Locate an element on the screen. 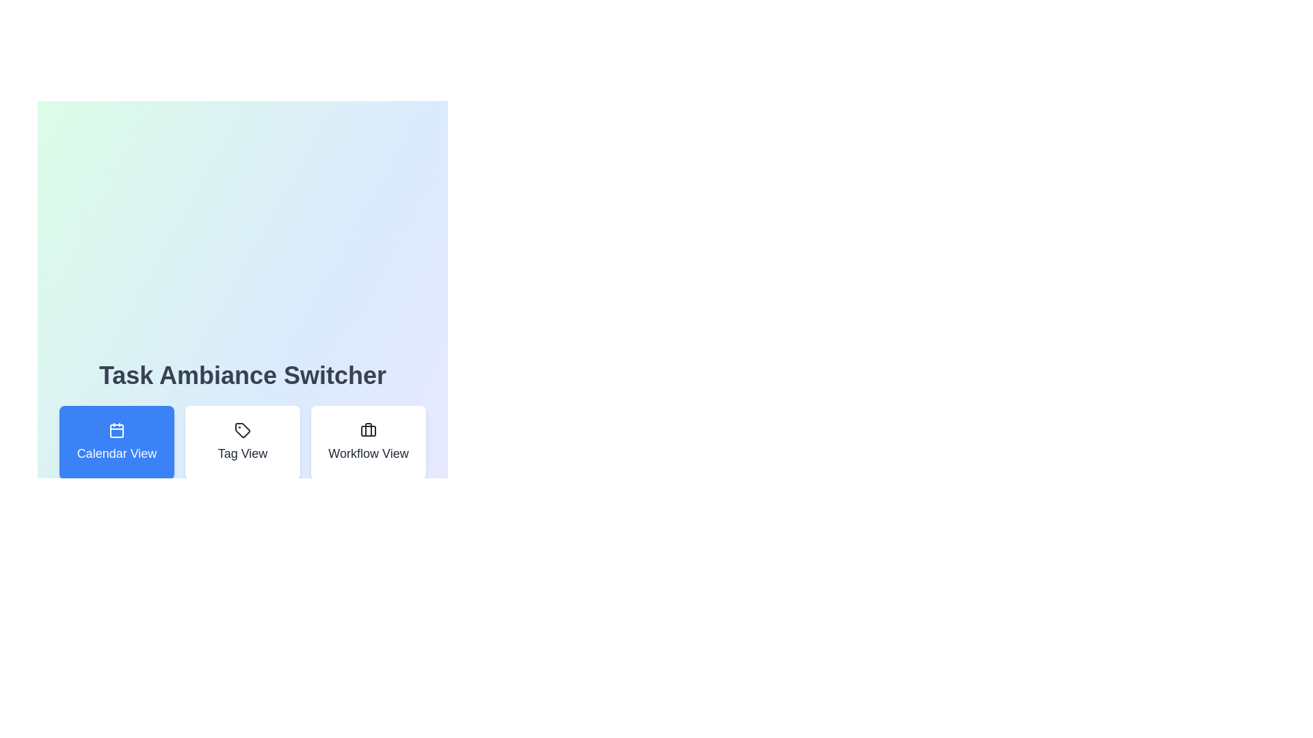 The width and height of the screenshot is (1313, 738). the 'Tag View' button, which is the second card in a row of three, located between the 'Calendar View' and 'Workflow View' cards is located at coordinates (243, 443).